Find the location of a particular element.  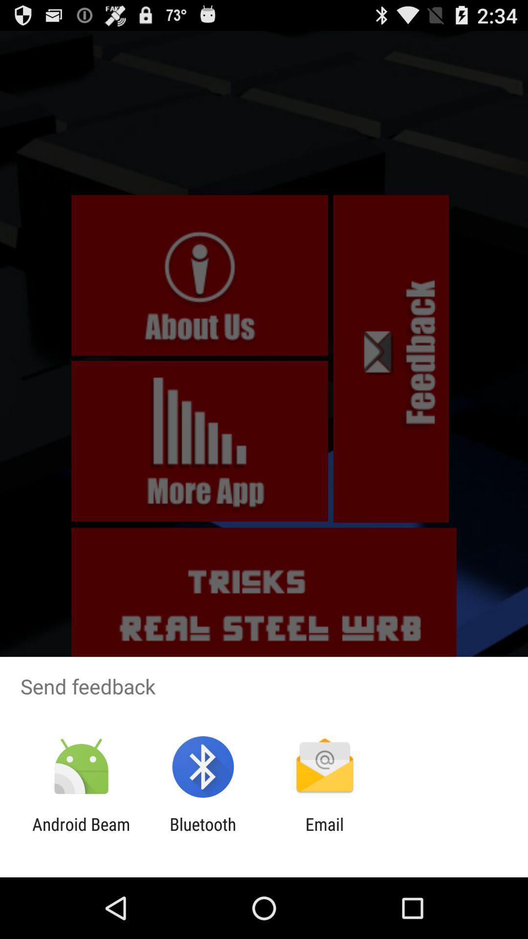

icon next to android beam item is located at coordinates (202, 834).